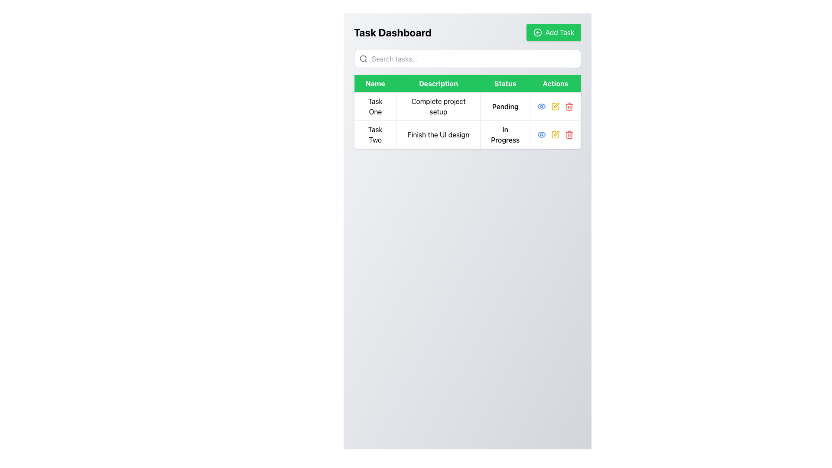  I want to click on the 'In Progress' static text label located in the 'Status' column of the second row in the task management table, so click(505, 135).